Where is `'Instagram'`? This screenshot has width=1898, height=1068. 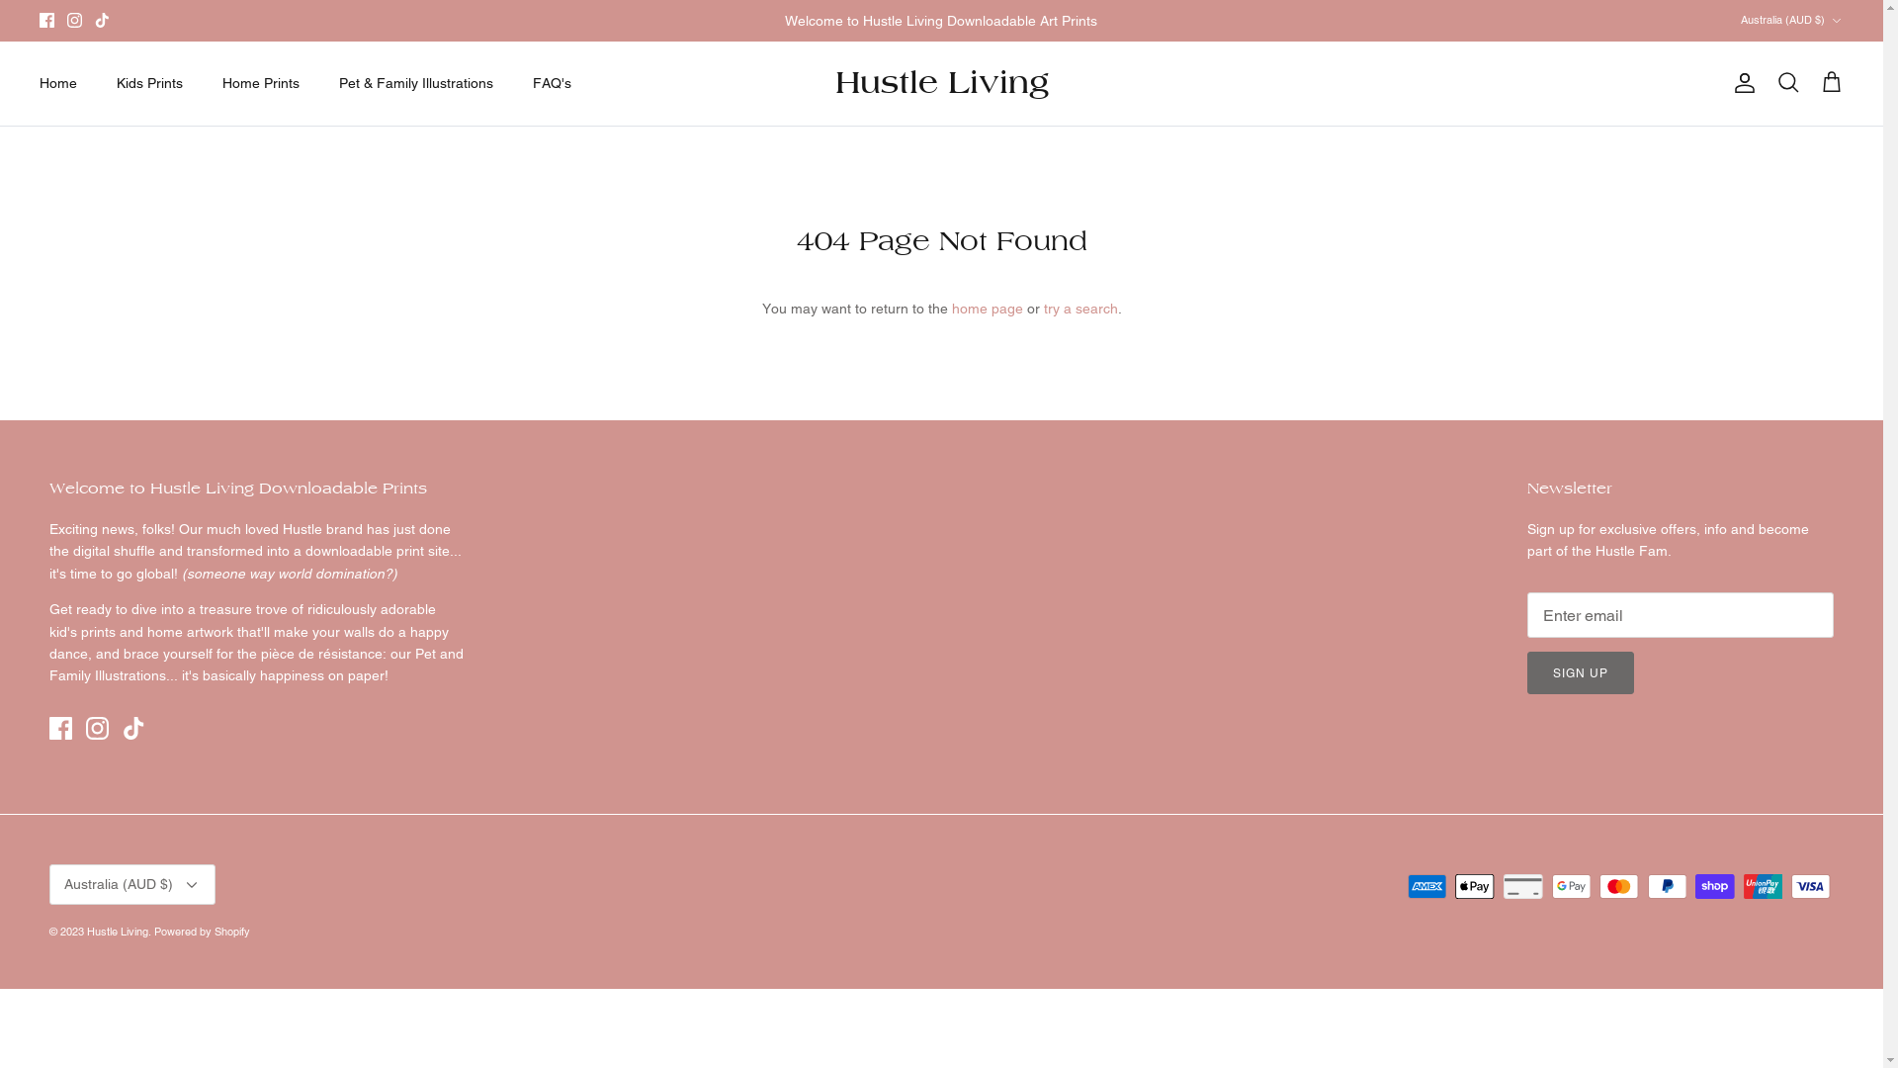
'Instagram' is located at coordinates (96, 728).